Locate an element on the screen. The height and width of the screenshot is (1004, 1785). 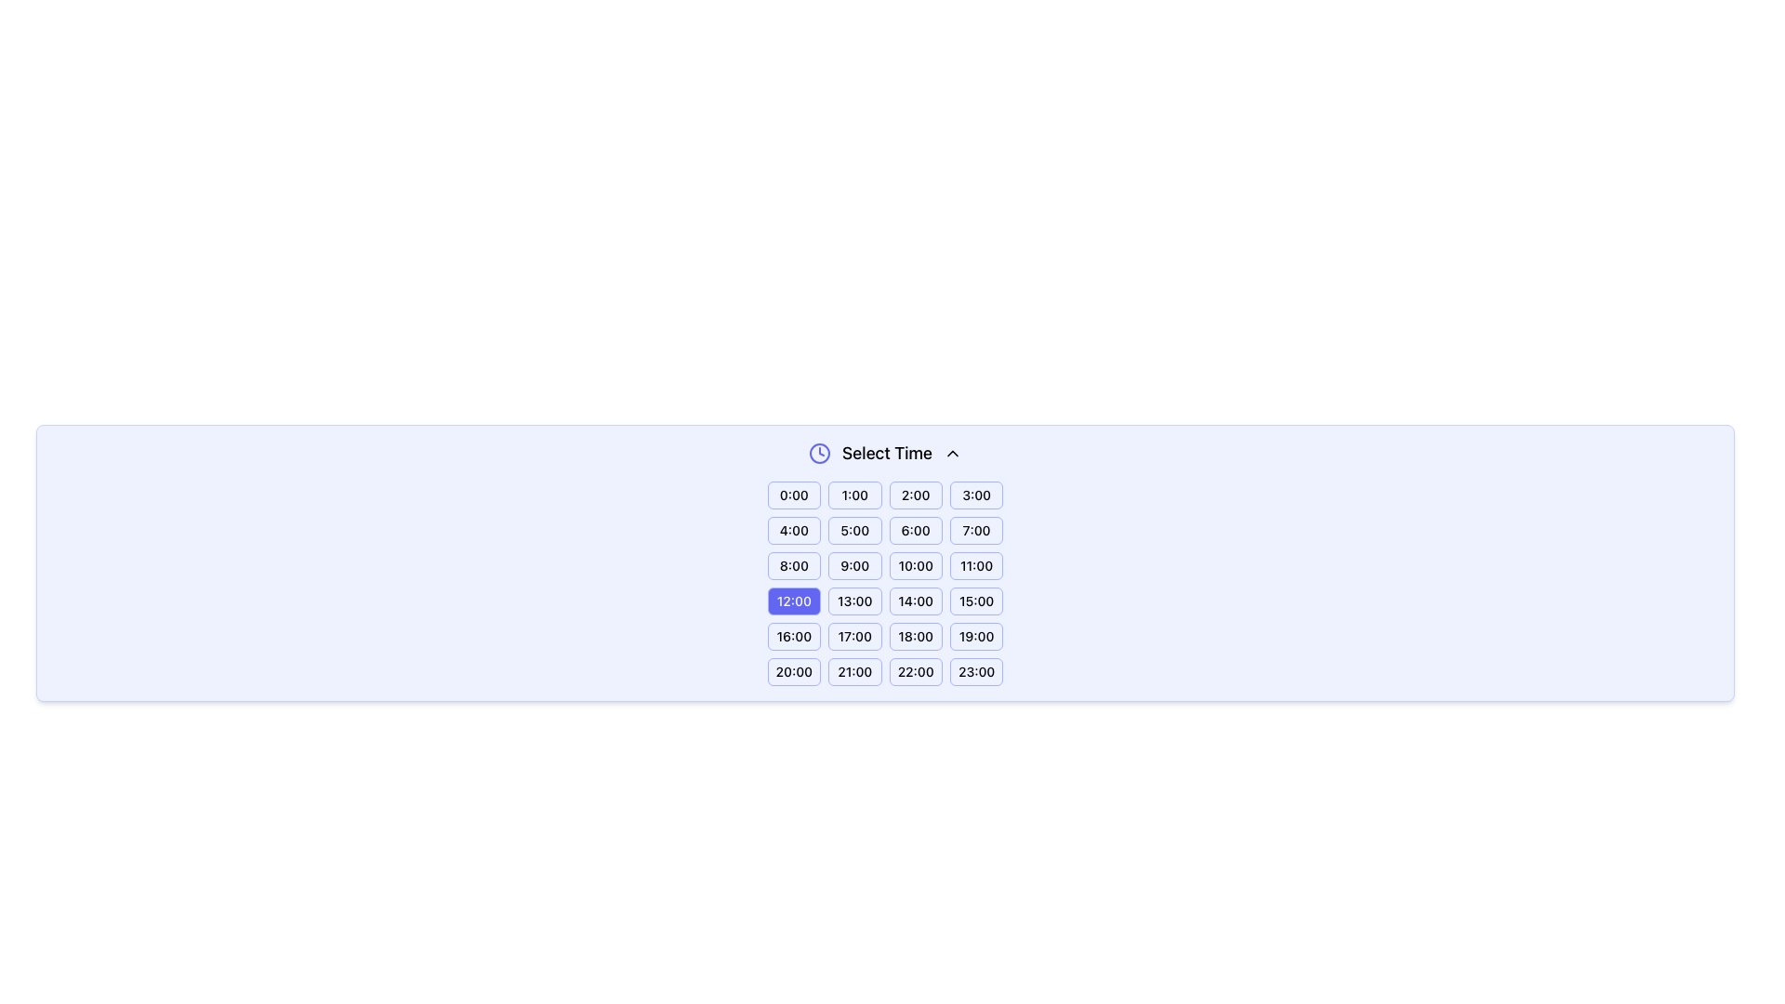
the time slot selector button for '18:00' is located at coordinates (916, 636).